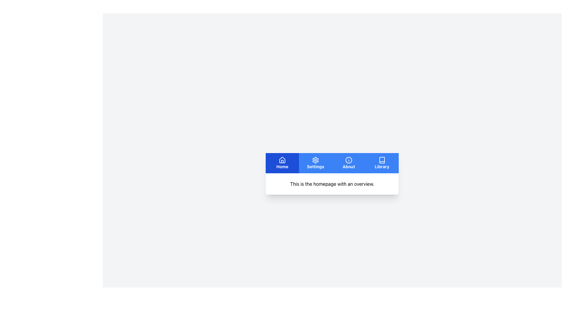 This screenshot has width=570, height=321. What do you see at coordinates (282, 160) in the screenshot?
I see `the house-shaped icon in the 'Home' section of the bottom navigation bar, which is styled in white against a blue square background` at bounding box center [282, 160].